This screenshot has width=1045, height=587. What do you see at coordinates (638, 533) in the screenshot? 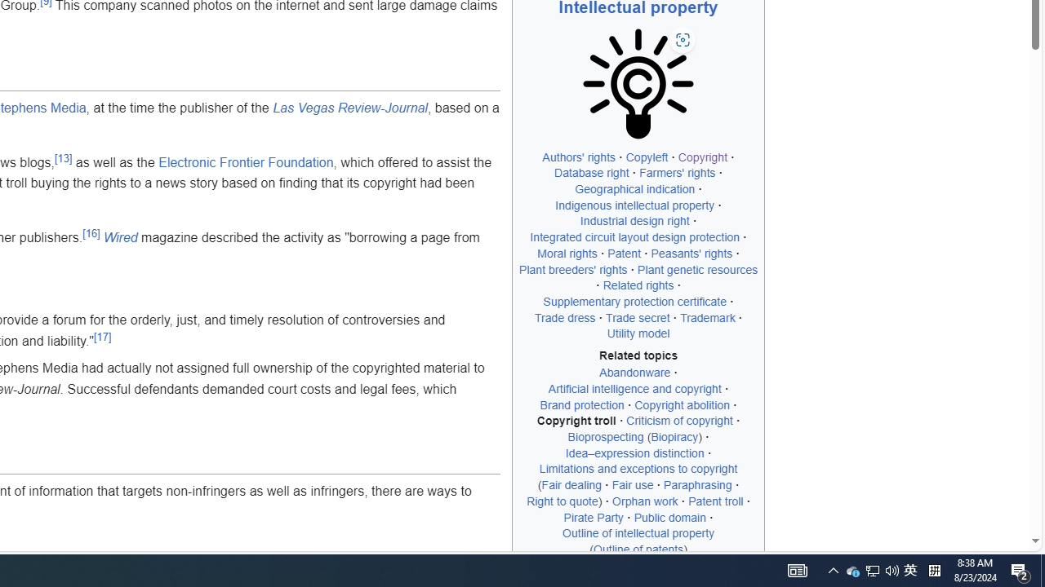
I see `'Outline of intellectual property'` at bounding box center [638, 533].